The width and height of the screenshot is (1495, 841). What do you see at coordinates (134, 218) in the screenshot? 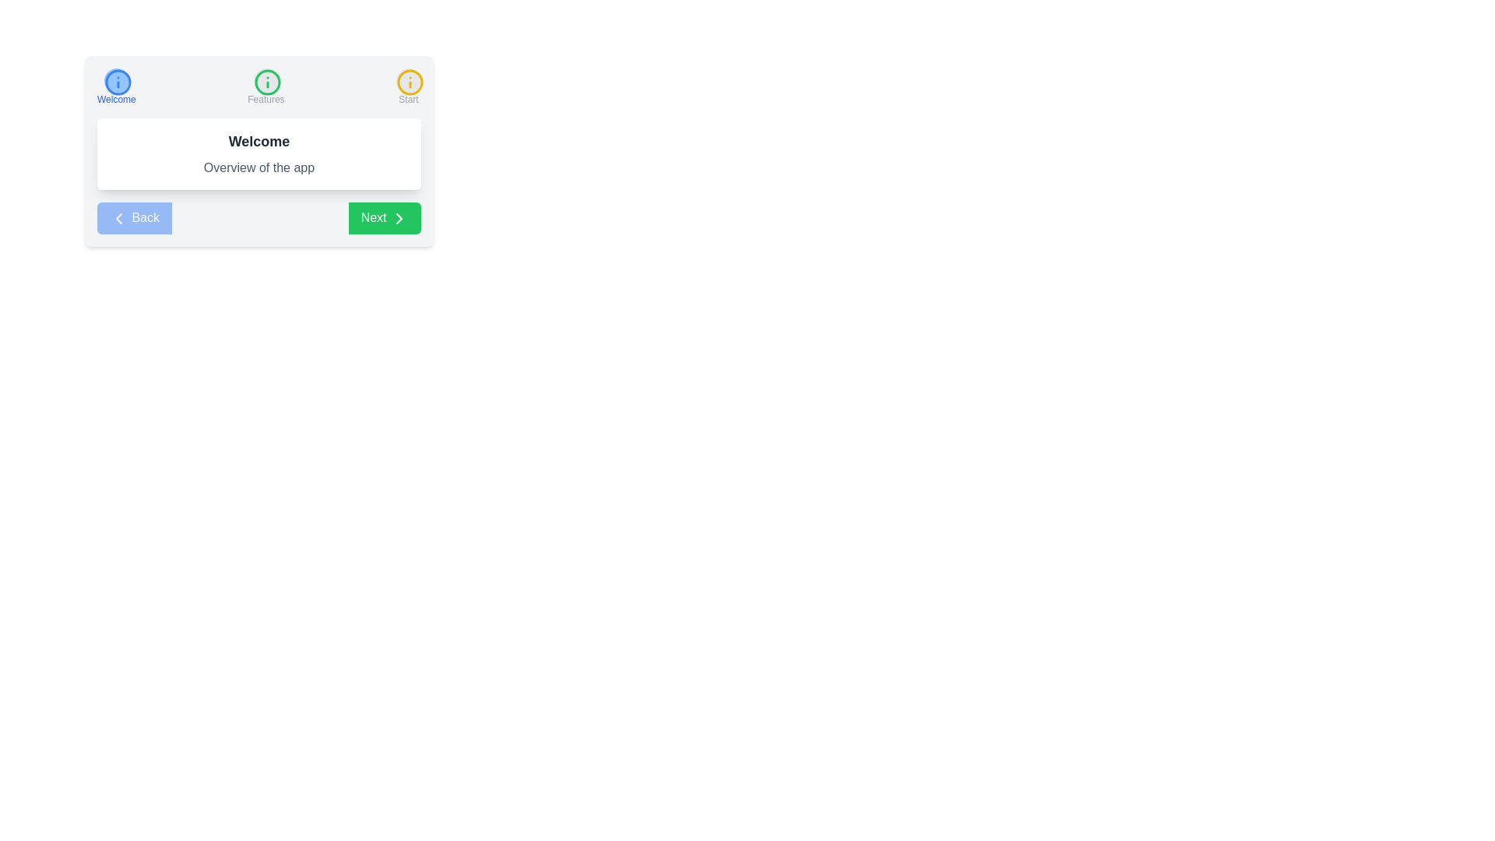
I see `the 'Back' button to observe its behavior` at bounding box center [134, 218].